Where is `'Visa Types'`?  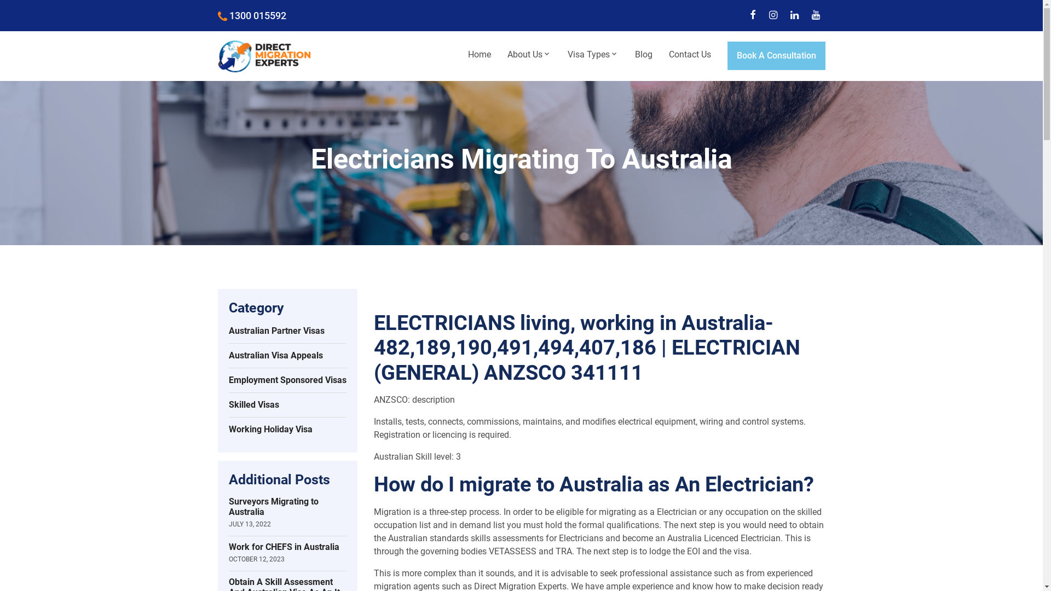 'Visa Types' is located at coordinates (592, 55).